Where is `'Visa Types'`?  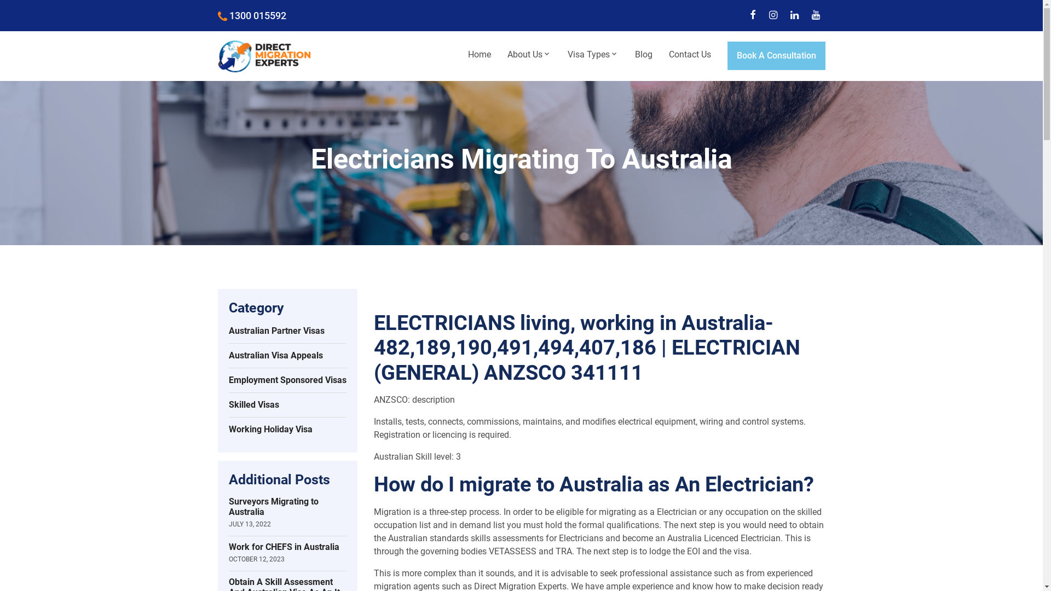 'Visa Types' is located at coordinates (592, 55).